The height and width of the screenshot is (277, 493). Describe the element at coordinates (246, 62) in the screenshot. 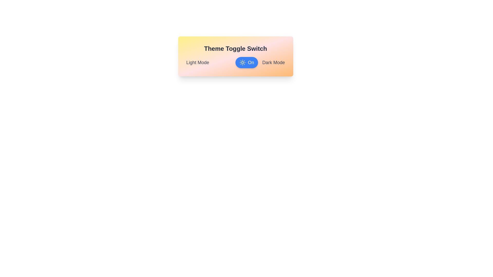

I see `toggle switch to change the mode` at that location.